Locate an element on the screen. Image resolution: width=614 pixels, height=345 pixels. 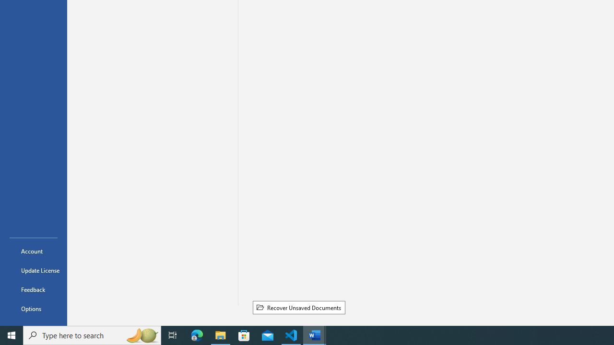
'Update License' is located at coordinates (33, 270).